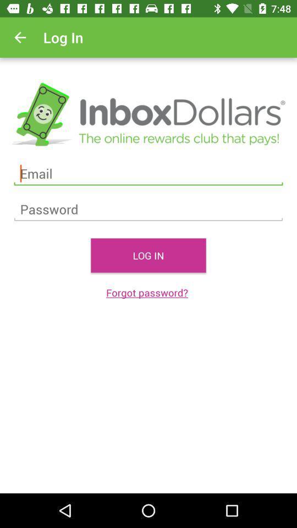 The width and height of the screenshot is (297, 528). What do you see at coordinates (148, 292) in the screenshot?
I see `the item below log in icon` at bounding box center [148, 292].